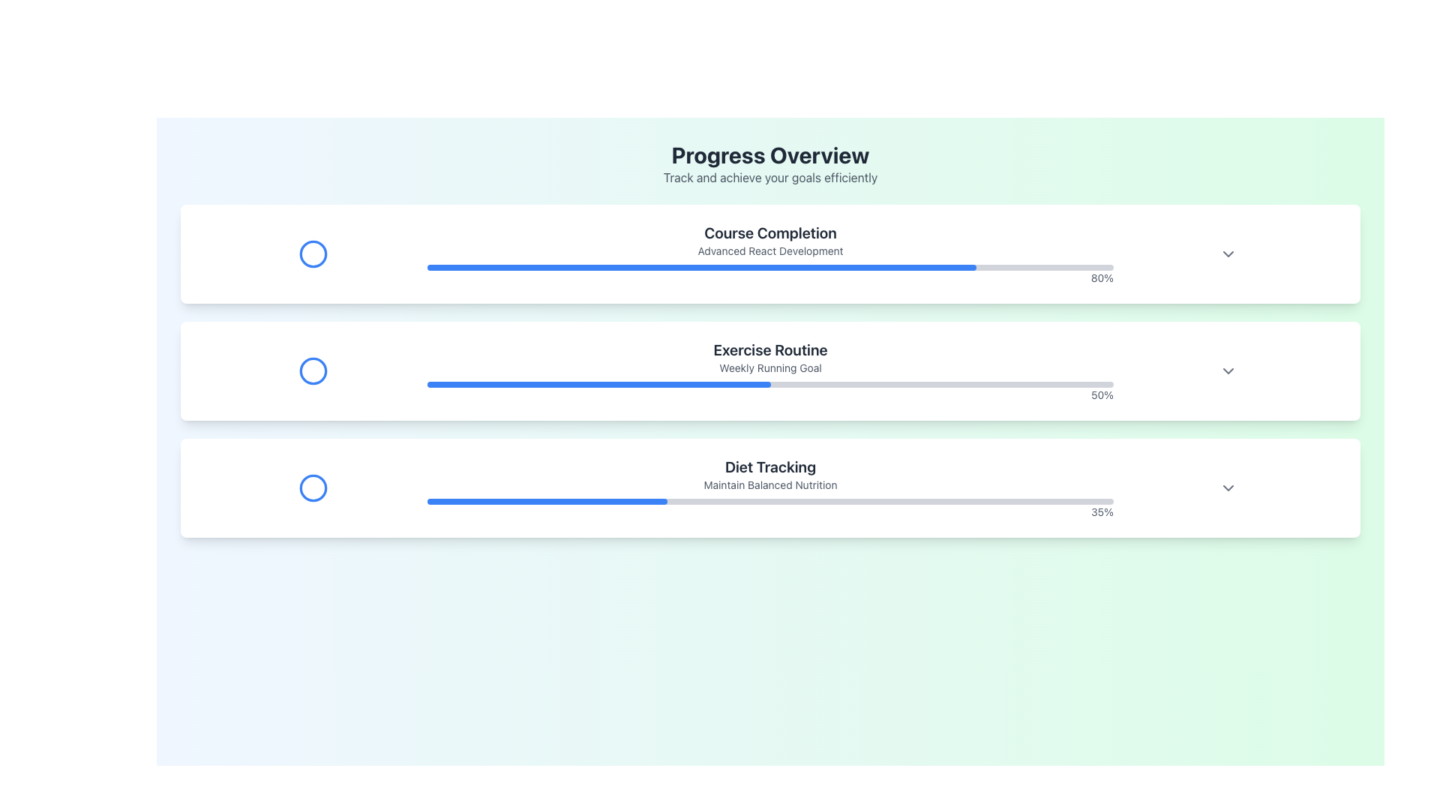 This screenshot has width=1440, height=810. I want to click on the circular visual button or indicator, so click(312, 370).